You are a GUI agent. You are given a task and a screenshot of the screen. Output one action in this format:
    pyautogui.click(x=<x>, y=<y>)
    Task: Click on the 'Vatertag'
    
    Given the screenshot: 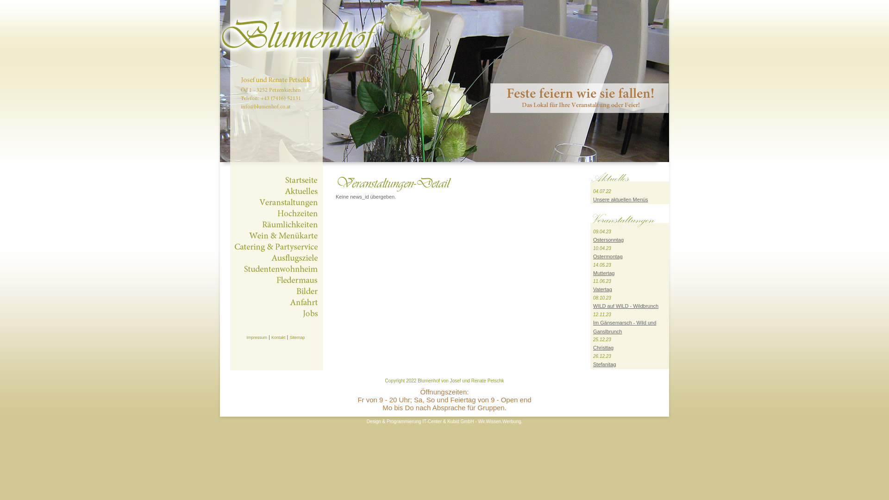 What is the action you would take?
    pyautogui.click(x=602, y=288)
    